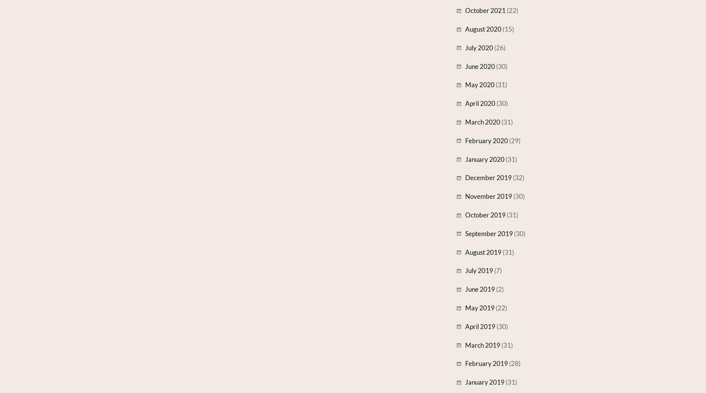 The width and height of the screenshot is (706, 393). Describe the element at coordinates (488, 177) in the screenshot. I see `'December 2019'` at that location.